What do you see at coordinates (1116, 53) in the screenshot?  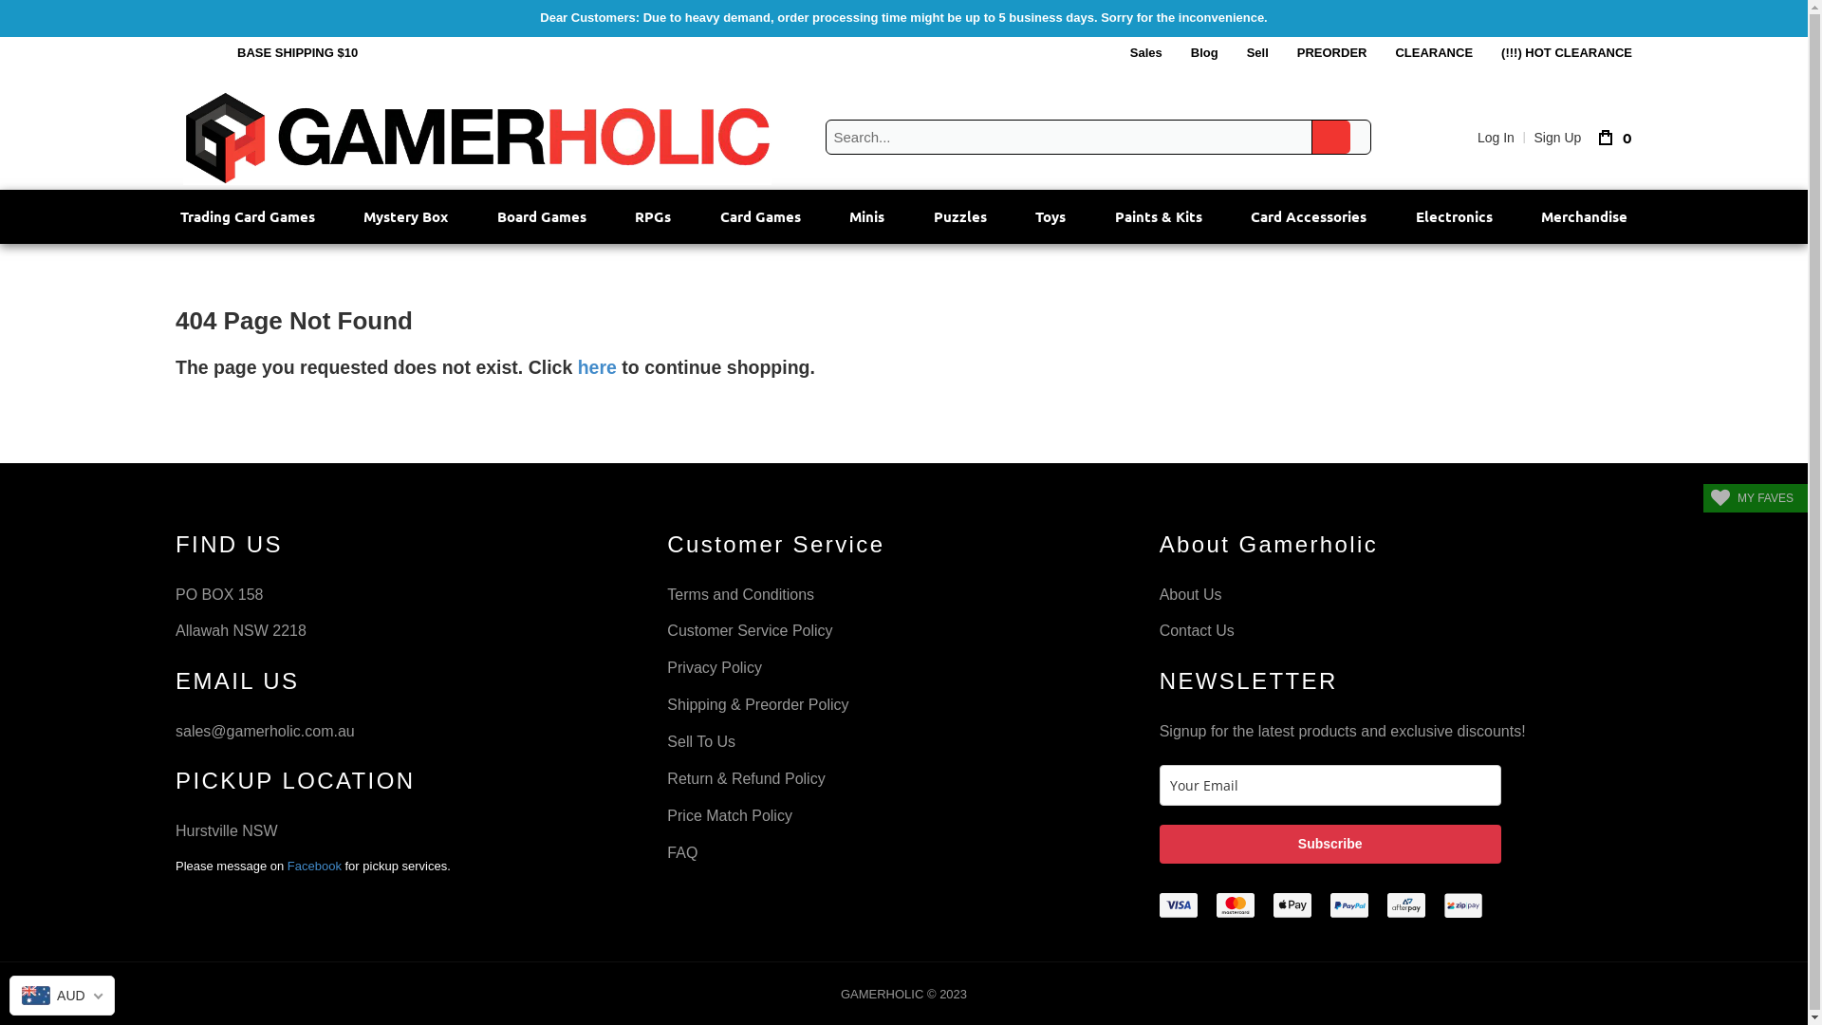 I see `'Sales'` at bounding box center [1116, 53].